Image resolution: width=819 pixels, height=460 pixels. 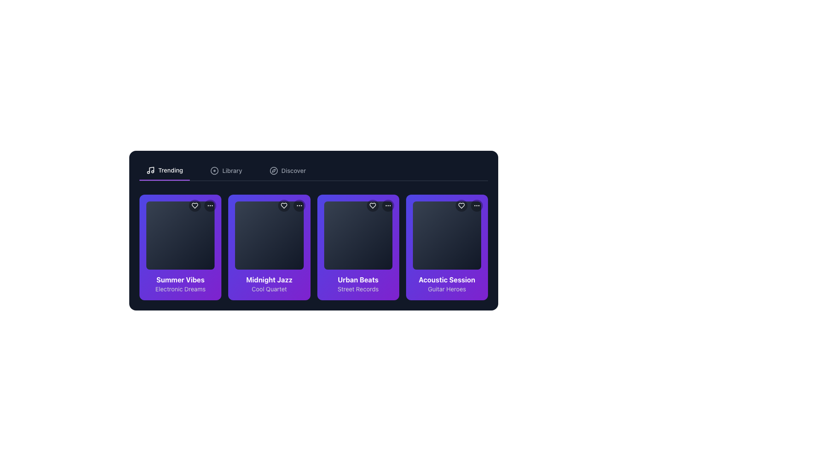 I want to click on text label that serves as the title for the music album or playlist, located at the top of the text area within the second card of the 'Trending' section, so click(x=269, y=280).